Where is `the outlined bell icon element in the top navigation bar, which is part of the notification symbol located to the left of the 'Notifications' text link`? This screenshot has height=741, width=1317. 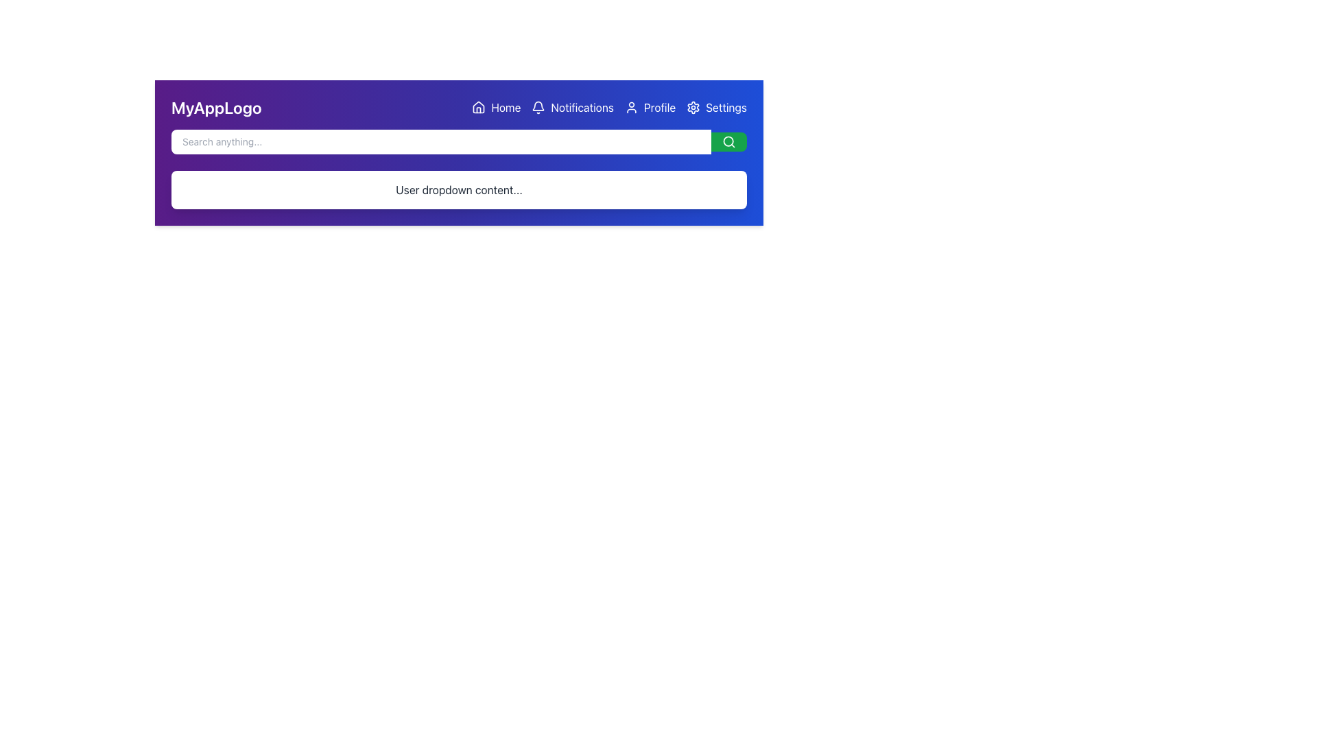
the outlined bell icon element in the top navigation bar, which is part of the notification symbol located to the left of the 'Notifications' text link is located at coordinates (538, 105).